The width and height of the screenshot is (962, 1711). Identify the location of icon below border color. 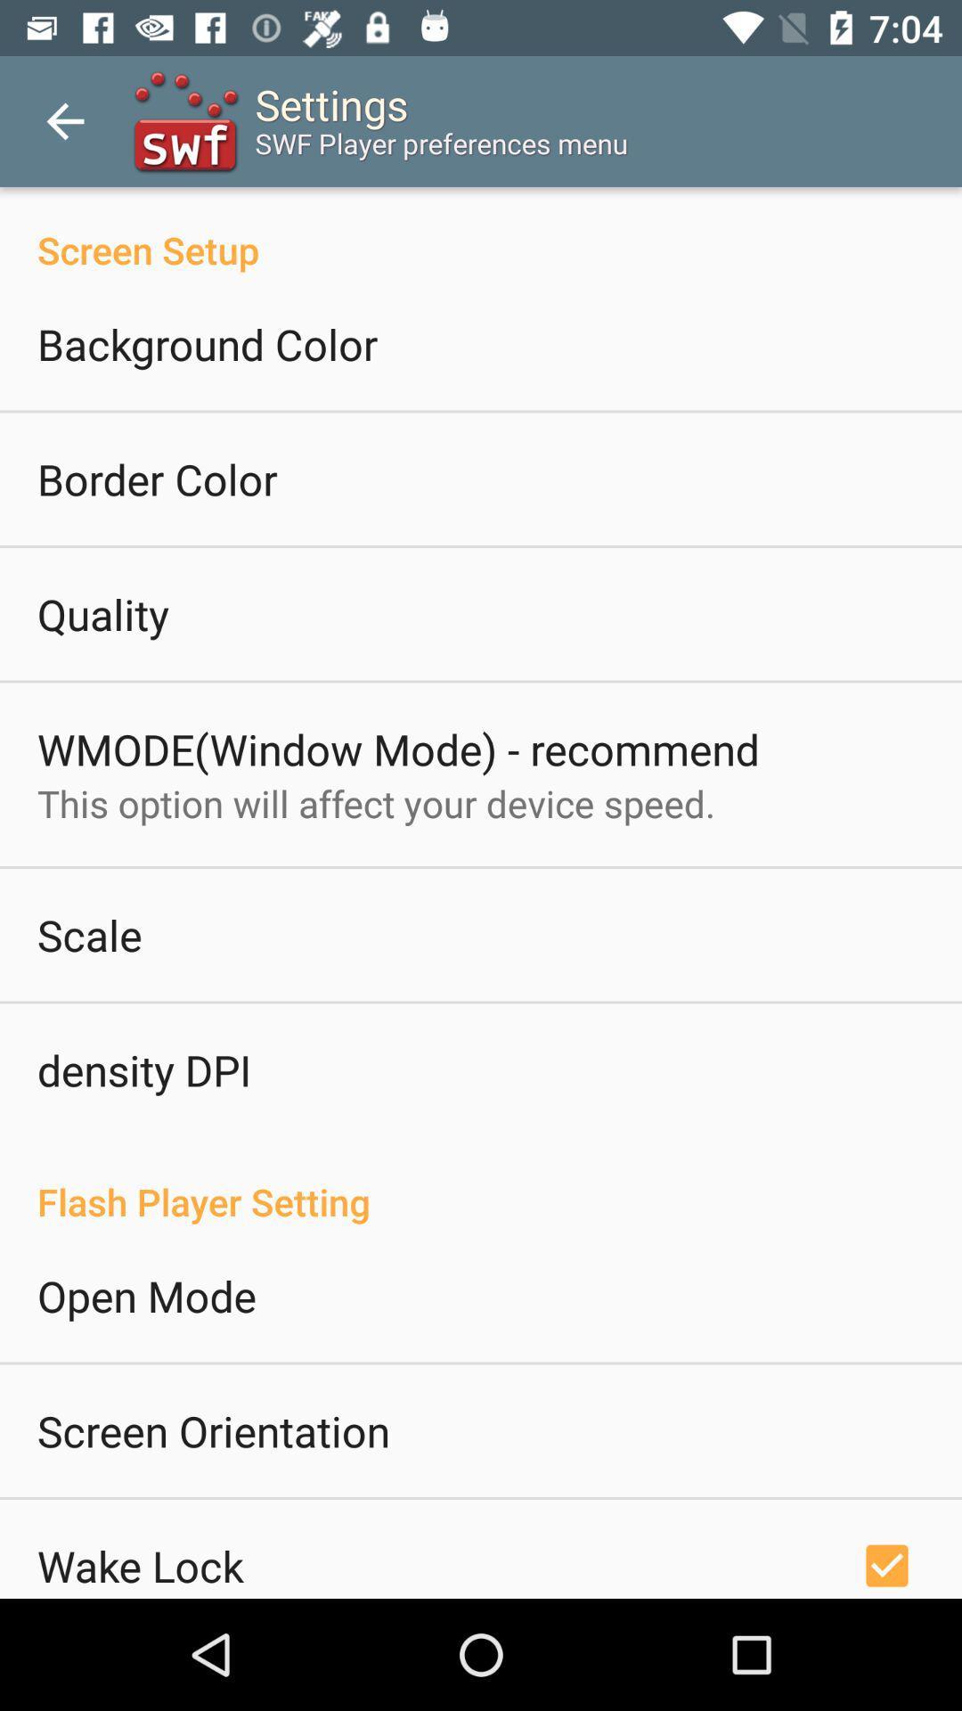
(102, 614).